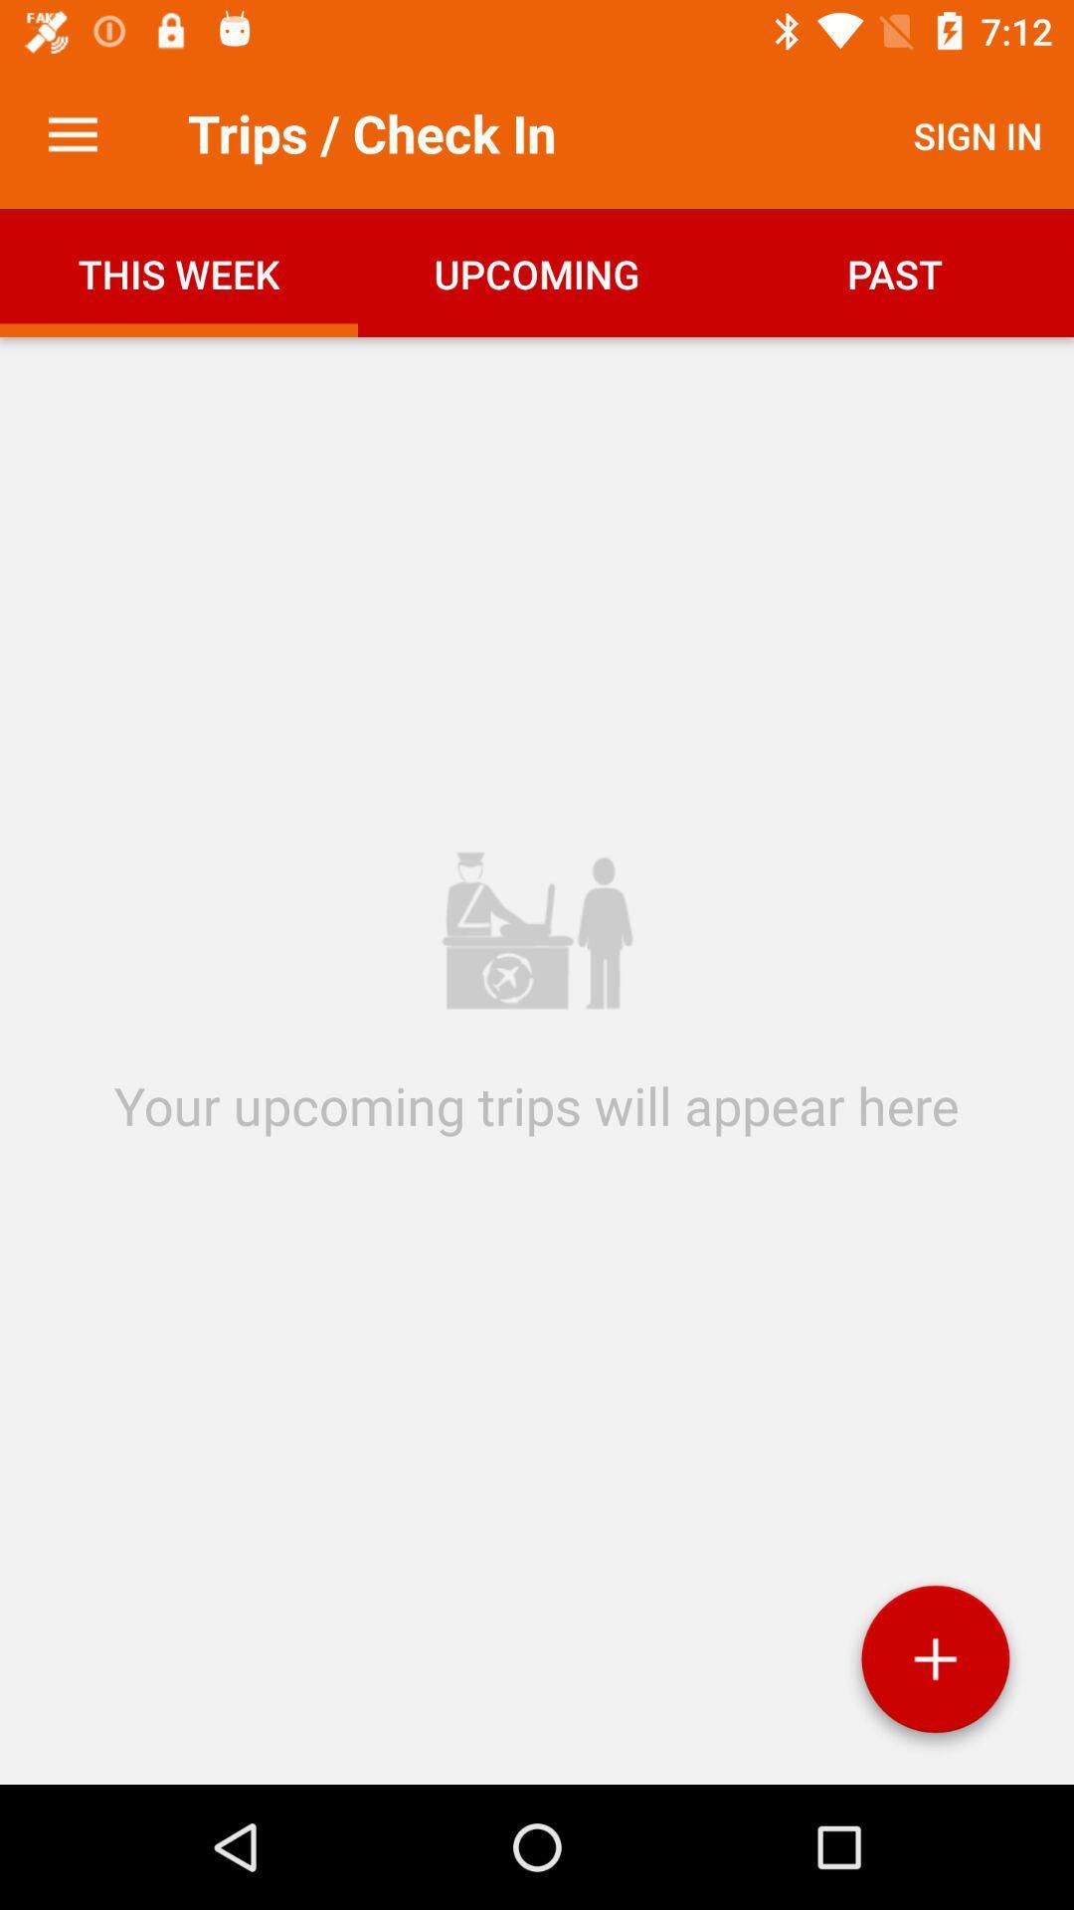 This screenshot has width=1074, height=1910. Describe the element at coordinates (72, 134) in the screenshot. I see `the item next to the trips / check in item` at that location.